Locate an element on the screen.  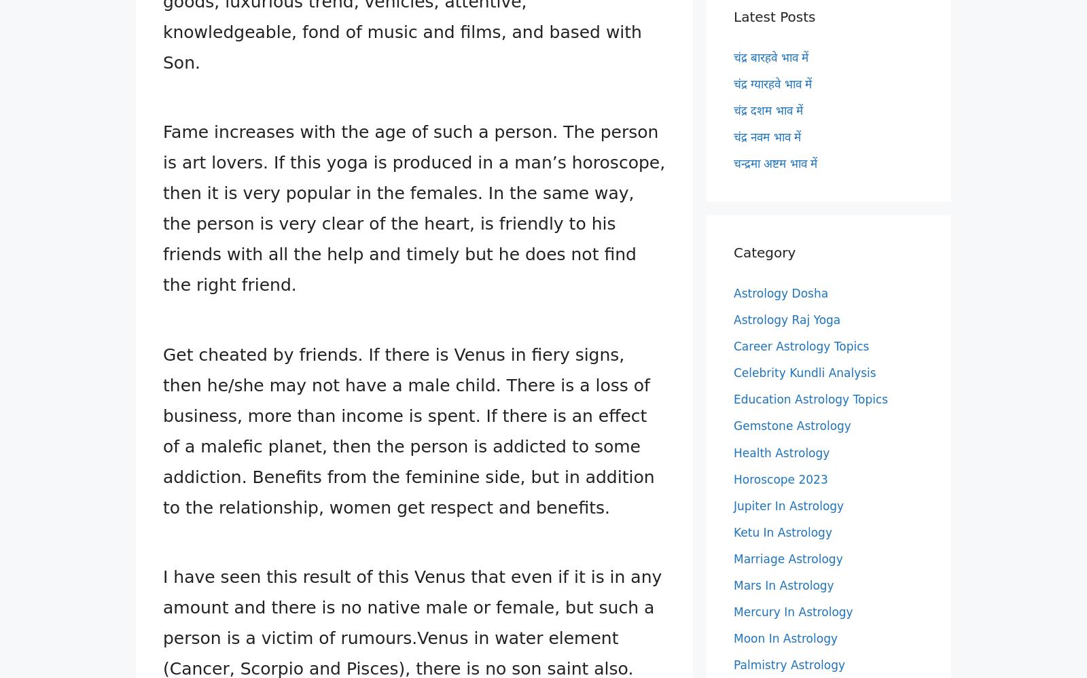
'Category' is located at coordinates (764, 251).